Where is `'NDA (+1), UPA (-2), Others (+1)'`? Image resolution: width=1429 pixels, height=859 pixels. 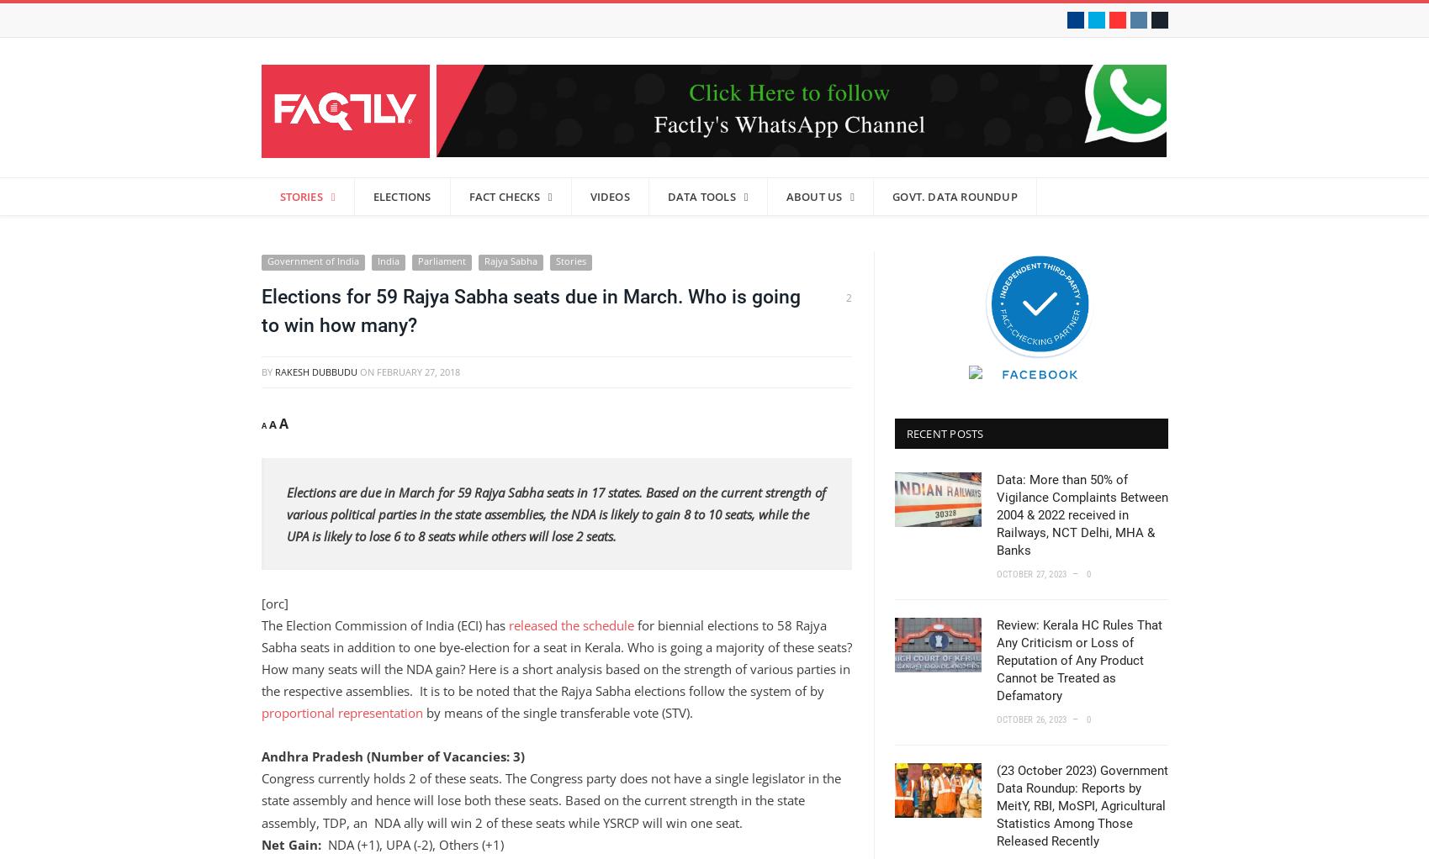 'NDA (+1), UPA (-2), Others (+1)' is located at coordinates (320, 844).